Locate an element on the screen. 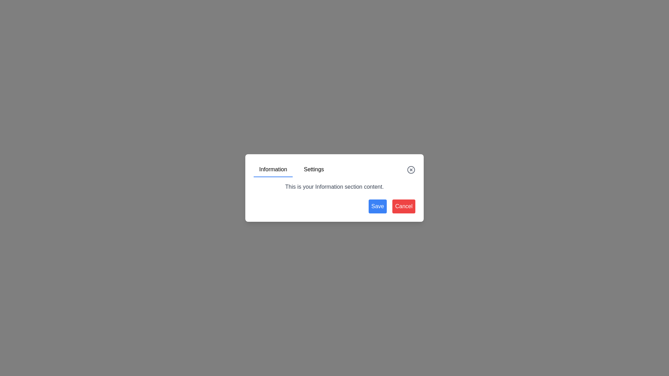  the blue 'Save' button with rounded corners located at the bottom right corner of the dialog box is located at coordinates (377, 206).